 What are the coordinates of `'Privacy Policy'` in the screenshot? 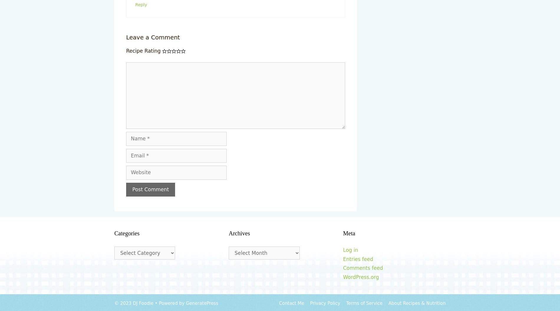 It's located at (325, 303).